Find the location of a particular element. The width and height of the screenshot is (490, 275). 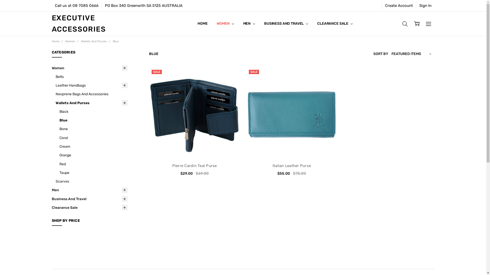

'Wallets And Purses' is located at coordinates (94, 41).